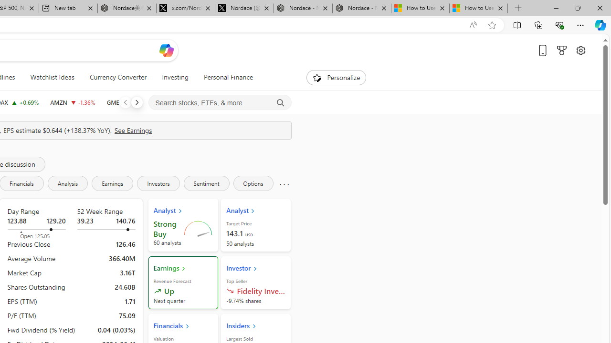 The height and width of the screenshot is (343, 611). I want to click on 'Watchlist Ideas', so click(52, 77).